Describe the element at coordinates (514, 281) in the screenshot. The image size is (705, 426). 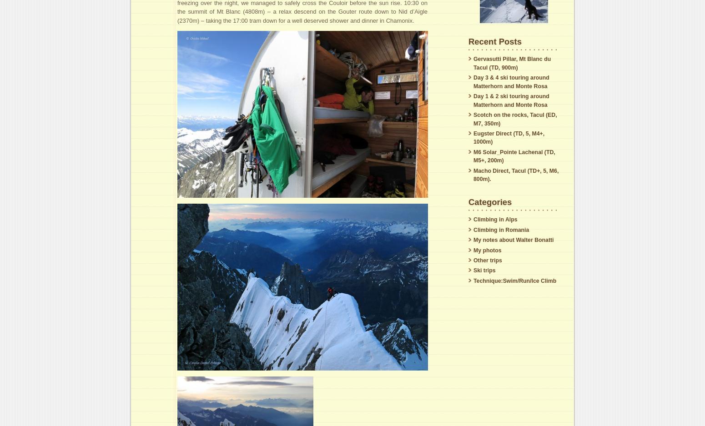
I see `'Technique:Swim/Run/Ice Climb'` at that location.